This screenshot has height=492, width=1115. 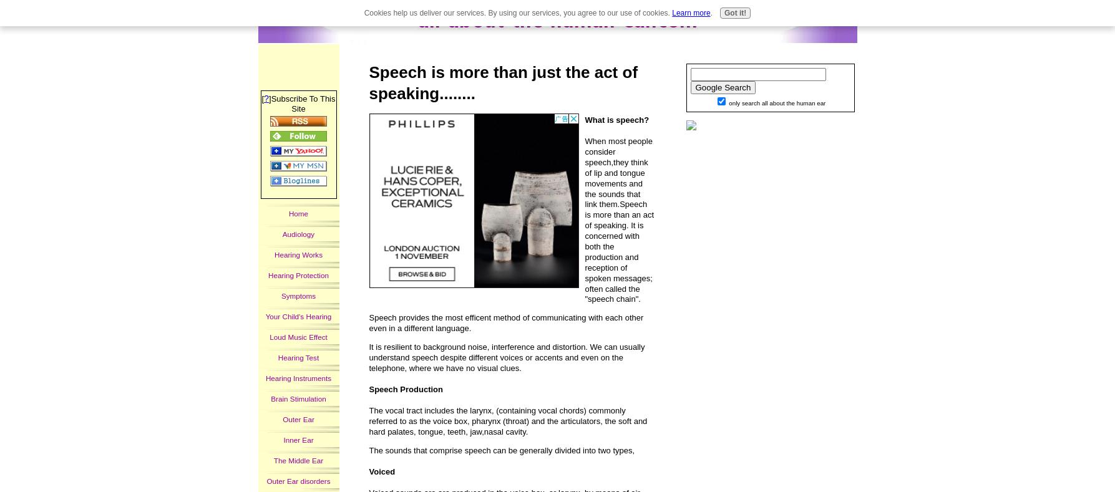 I want to click on 'Voiced', so click(x=381, y=471).